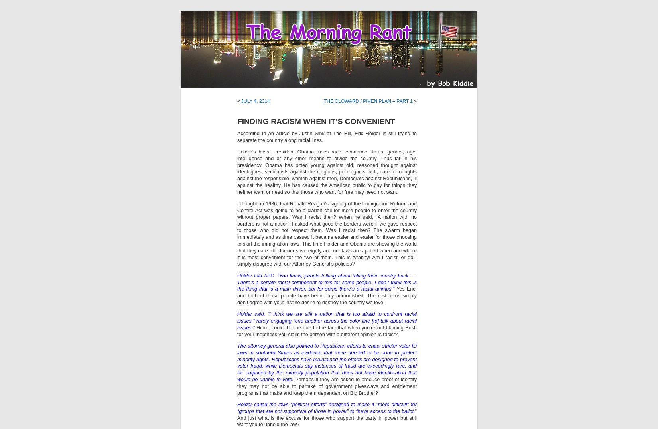 The width and height of the screenshot is (658, 429). Describe the element at coordinates (327, 171) in the screenshot. I see `'Holder’s boss, President Obama, uses race, economic status, gender, age, intelligence and or any other means to divide the country. Thus far in his presidency, Obama has pitted young against old, reasoned thought against ideologues, secularists against the religious, poor against rich, care-for-naughts against the responsible, women against men, Democrats against Republicans, ill against the healthy. He has caused the American public to pay for things they neither want or need so that those who want for free may need not want.'` at that location.